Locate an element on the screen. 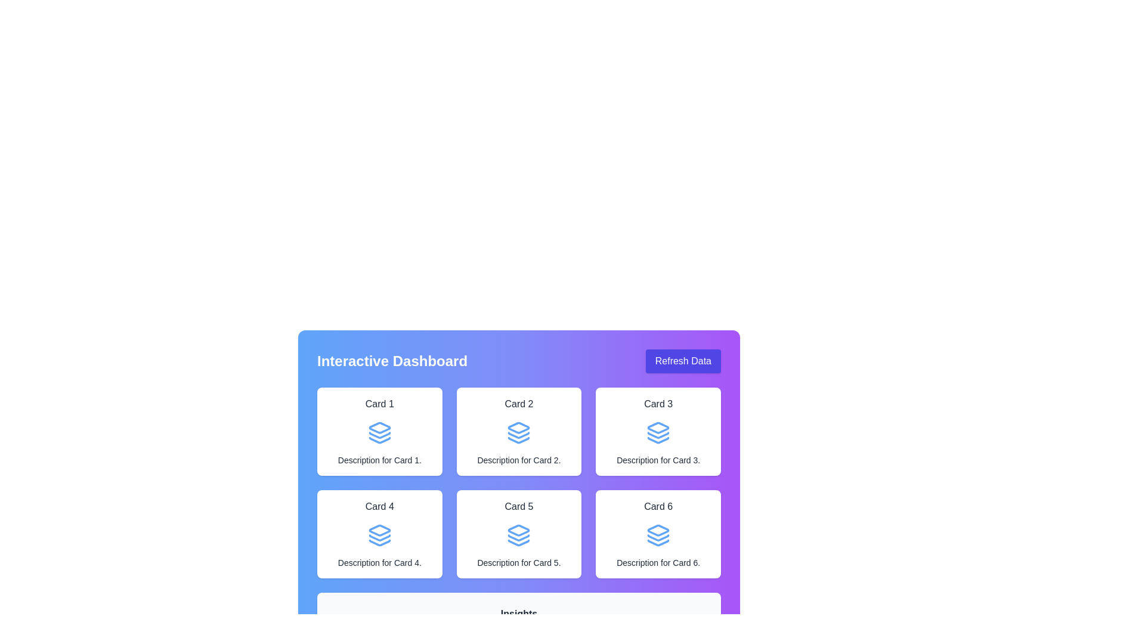 The width and height of the screenshot is (1145, 644). on the rectangular card titled 'Card 2' in the second column of the first row of the grid under 'Interactive Dashboard' is located at coordinates (519, 464).